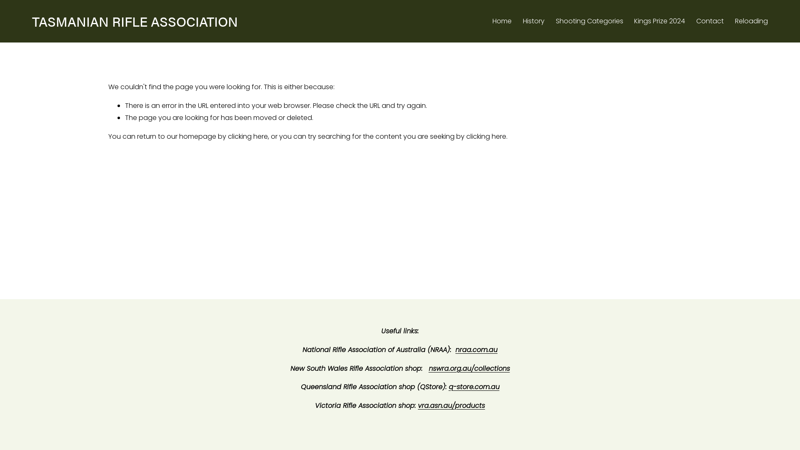 The width and height of the screenshot is (800, 450). Describe the element at coordinates (465, 136) in the screenshot. I see `'clicking here'` at that location.